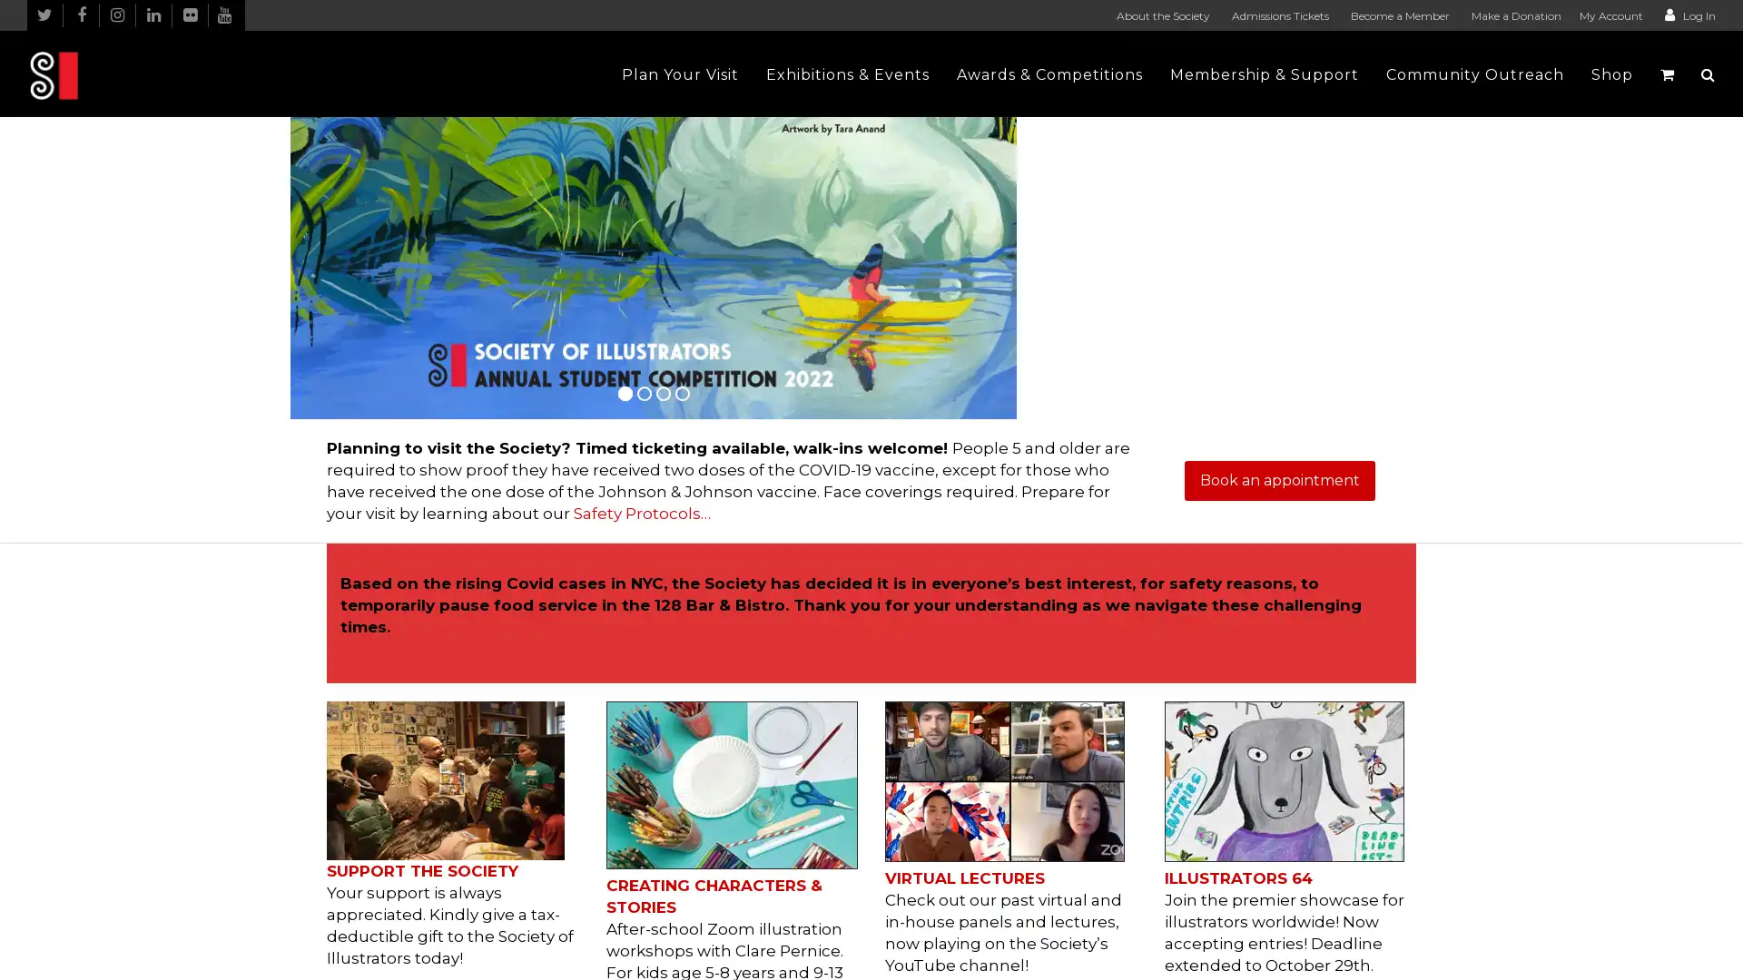  What do you see at coordinates (1699, 15) in the screenshot?
I see `Log In` at bounding box center [1699, 15].